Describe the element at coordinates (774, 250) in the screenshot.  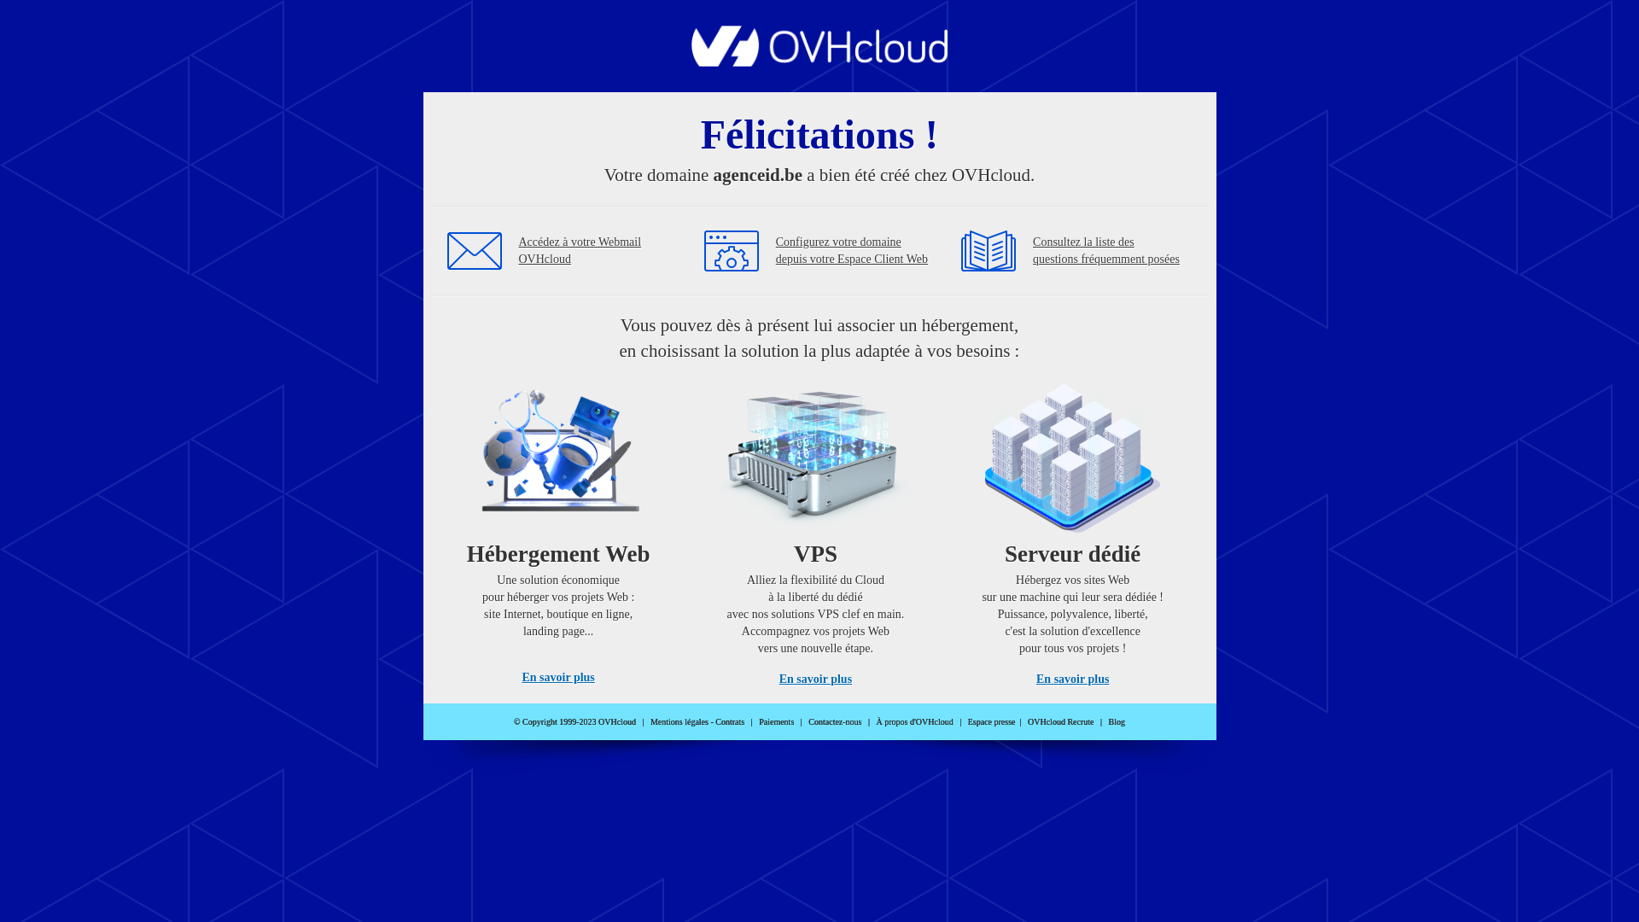
I see `'Configurez votre domaine` at that location.